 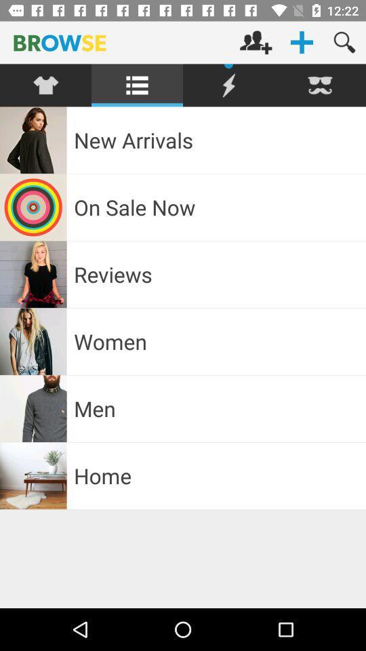 I want to click on the button on the left to the  button on the web page, so click(x=256, y=42).